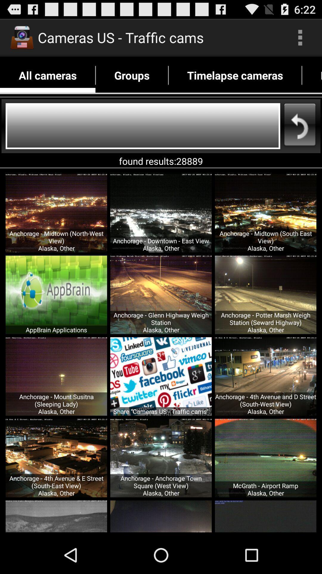 The image size is (322, 574). What do you see at coordinates (300, 37) in the screenshot?
I see `item above the timelapse cameras app` at bounding box center [300, 37].